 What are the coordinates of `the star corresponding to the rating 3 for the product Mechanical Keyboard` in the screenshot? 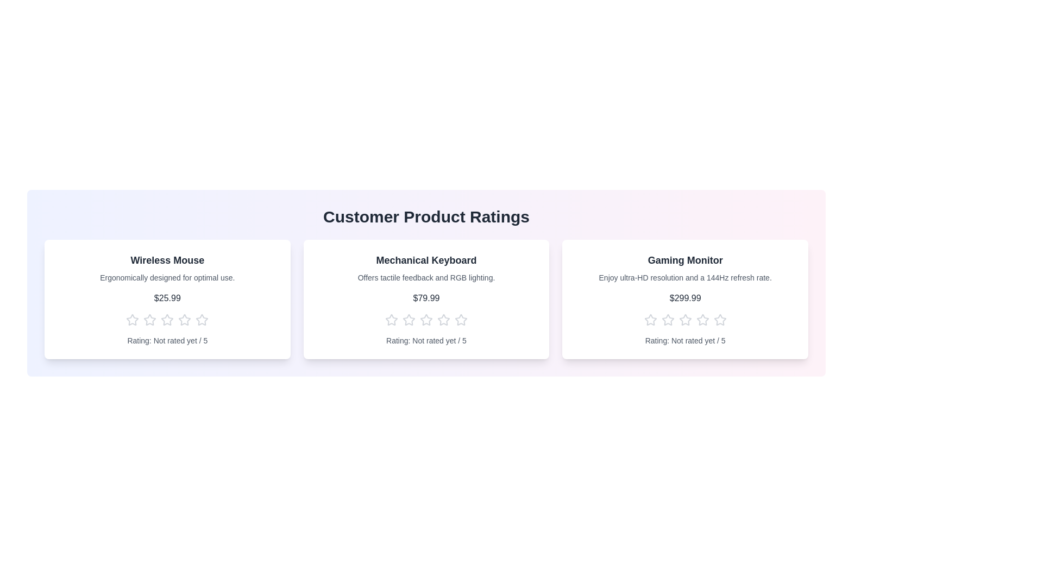 It's located at (425, 320).